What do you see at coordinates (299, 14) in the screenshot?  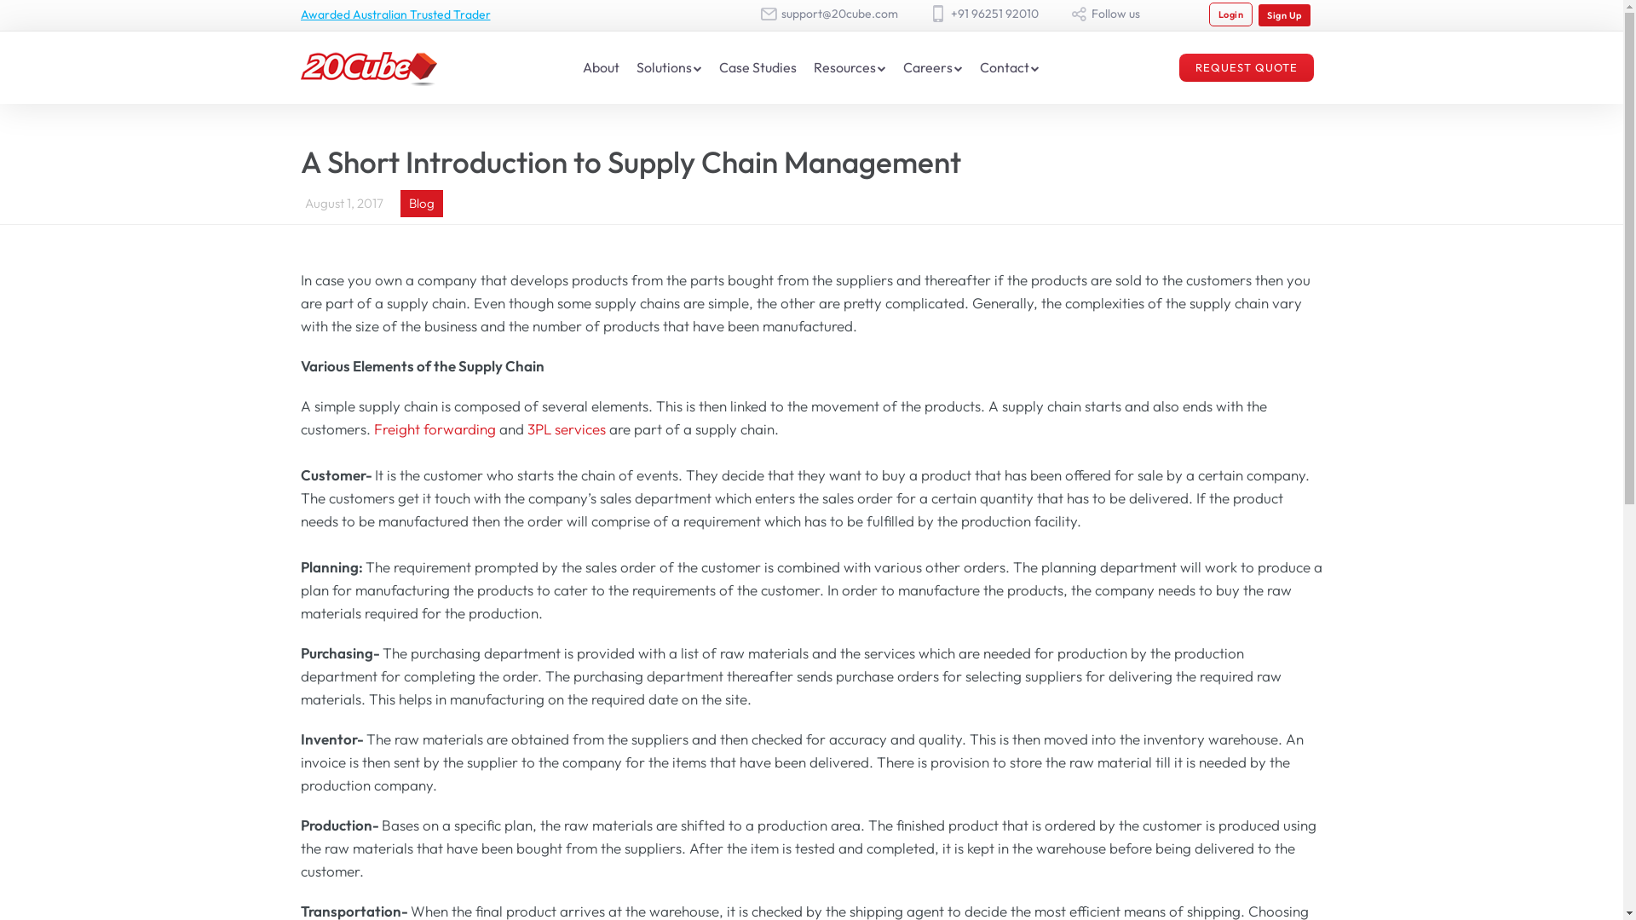 I see `'Awarded Australian Trusted Trader'` at bounding box center [299, 14].